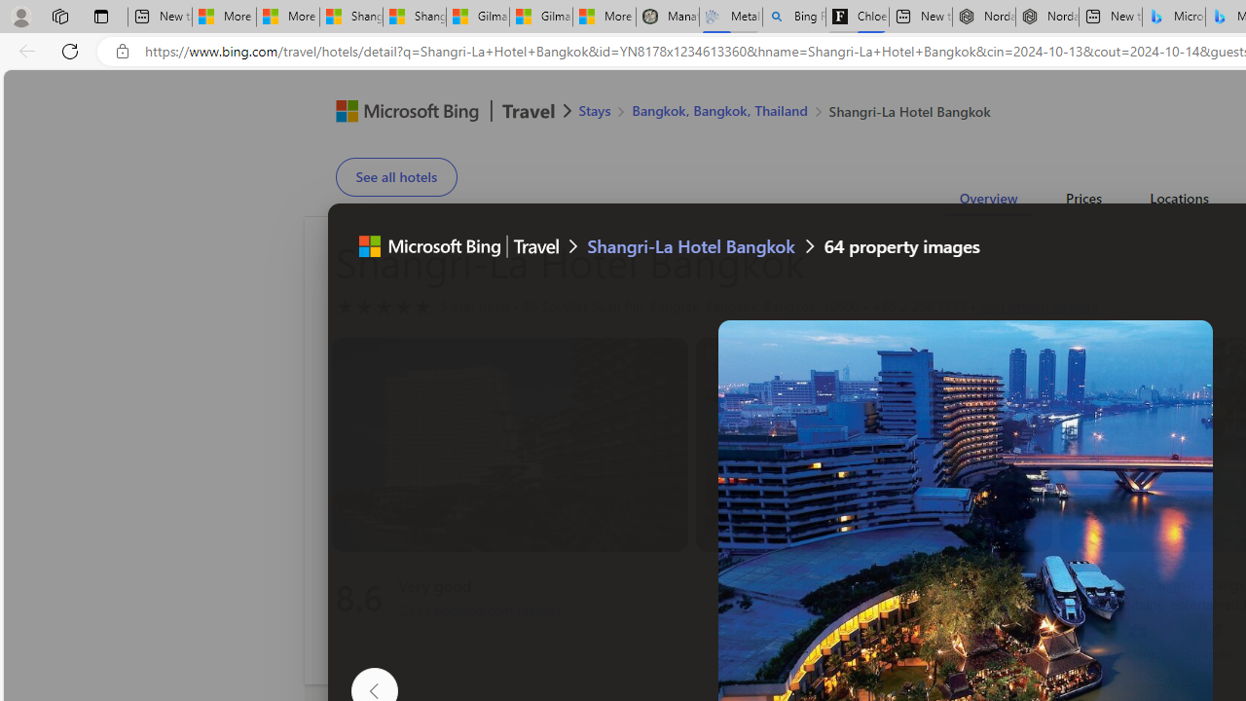 The image size is (1246, 701). Describe the element at coordinates (540, 17) in the screenshot. I see `'Gilma and Hector both pose tropical trouble for Hawaii'` at that location.